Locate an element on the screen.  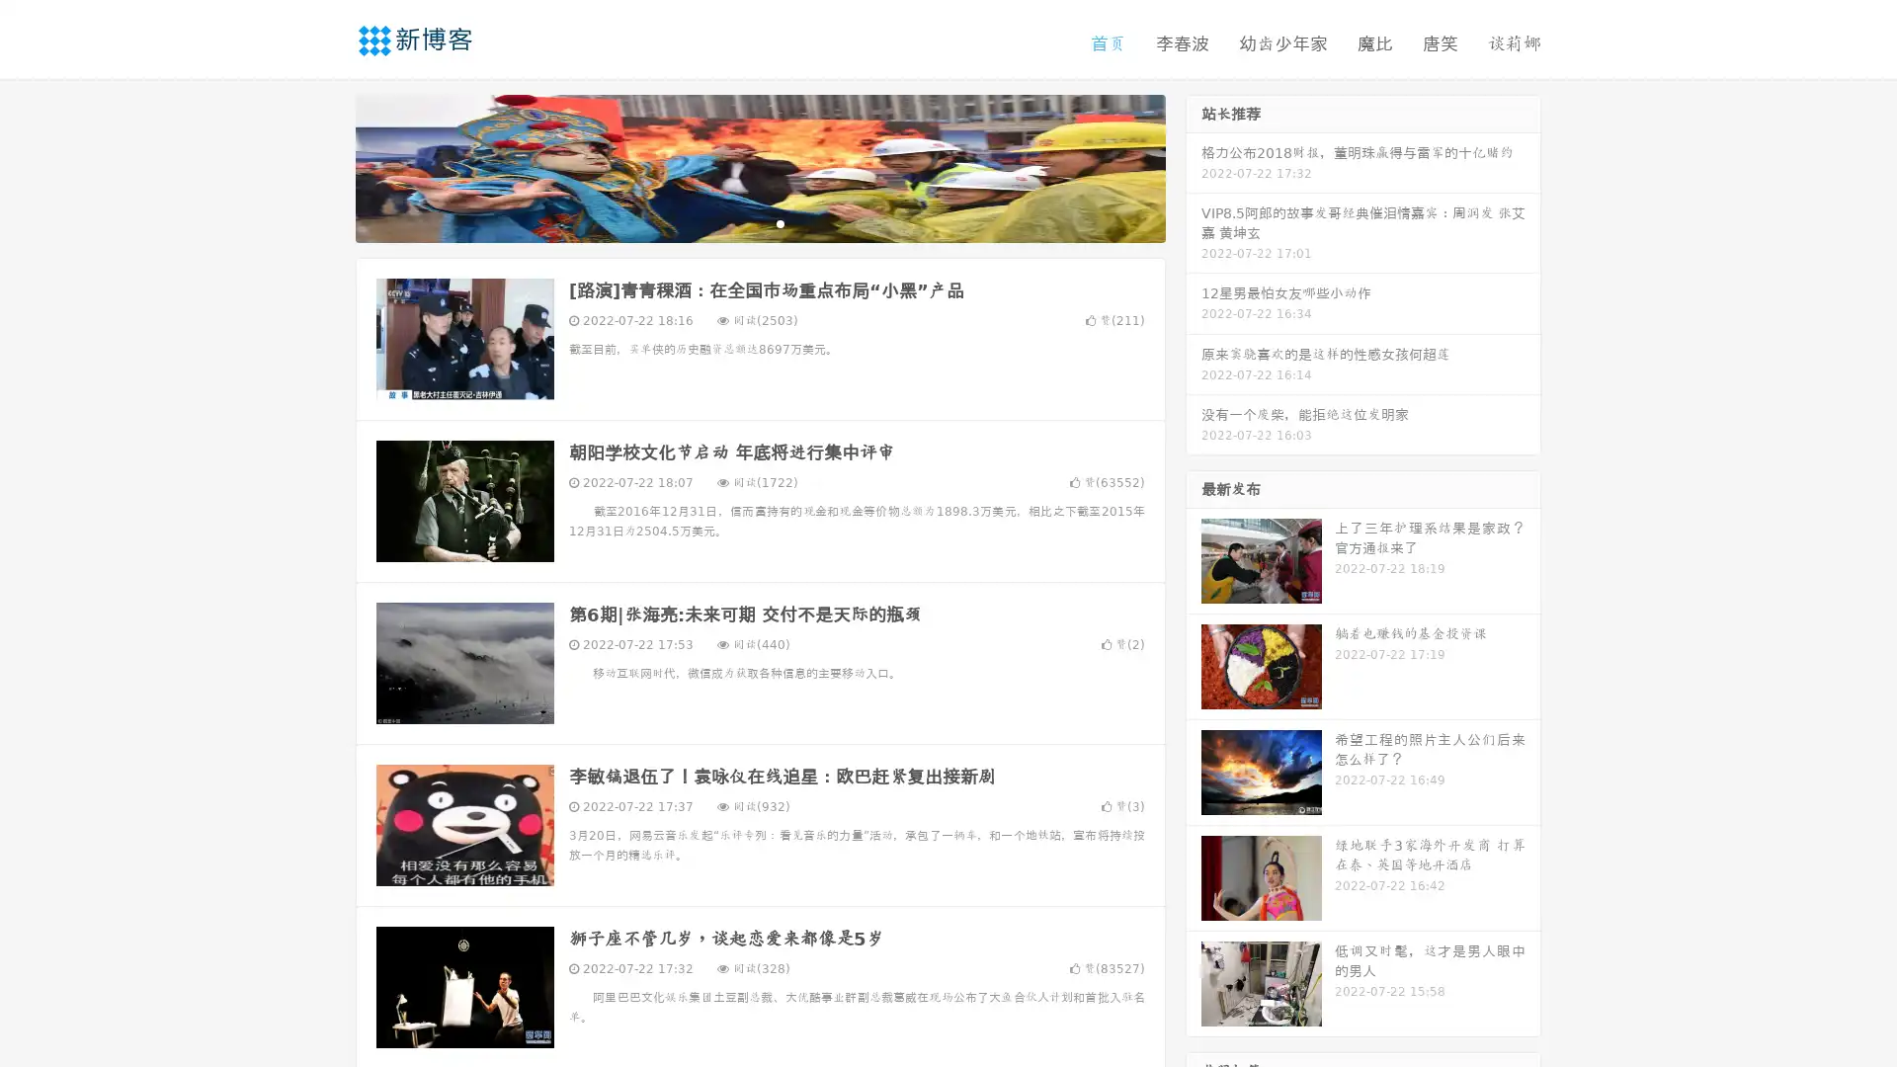
Go to slide 1 is located at coordinates (739, 222).